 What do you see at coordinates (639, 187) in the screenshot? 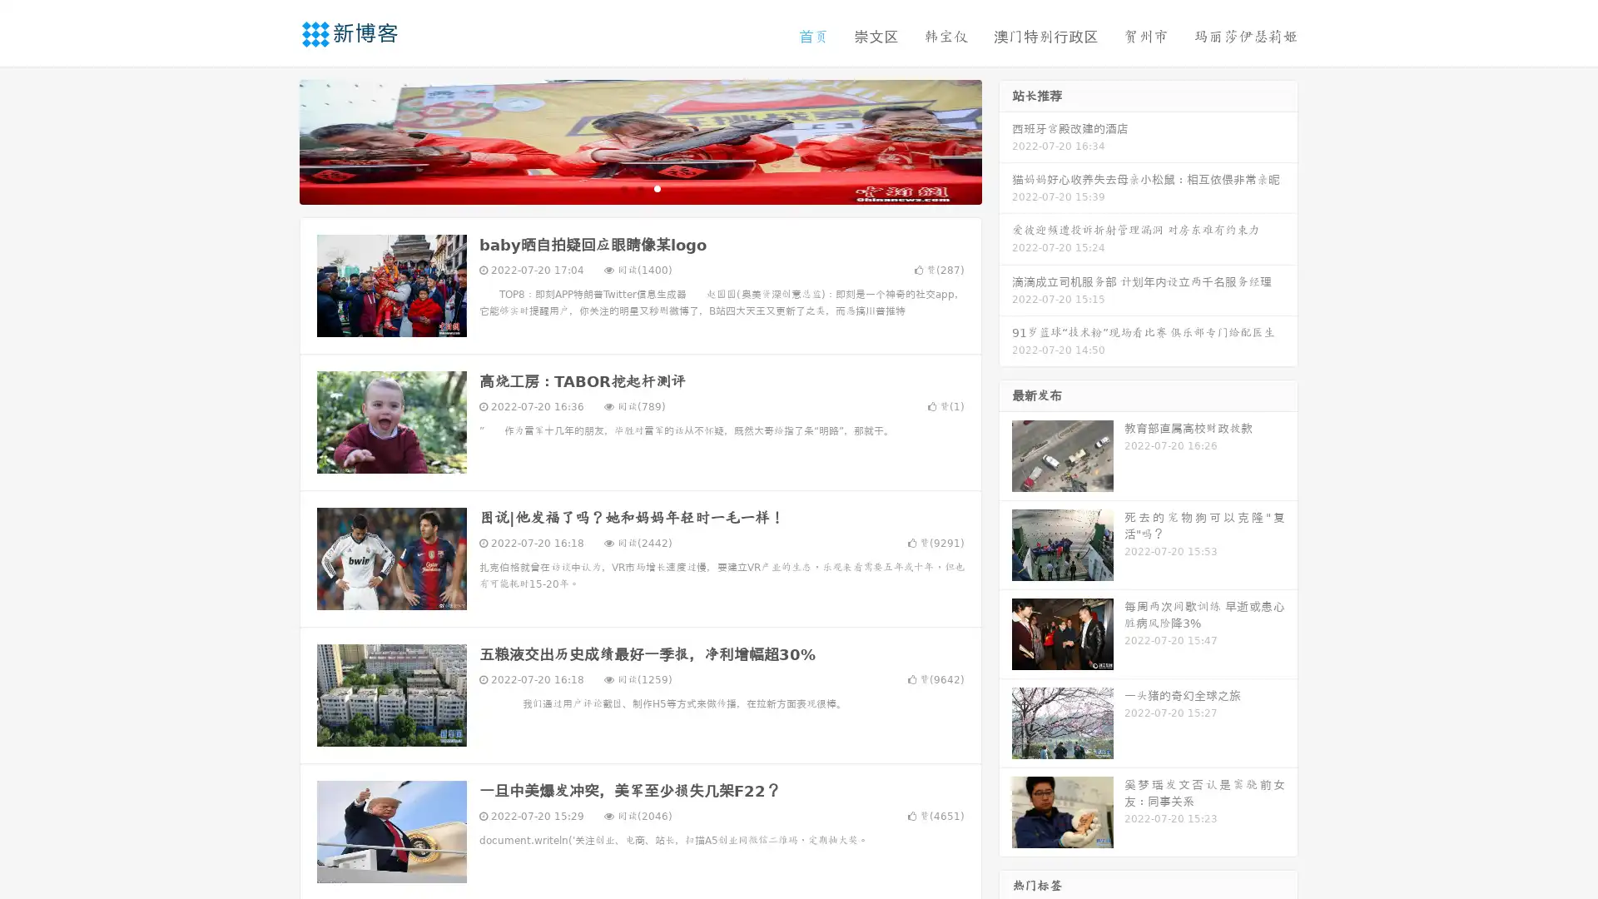
I see `Go to slide 2` at bounding box center [639, 187].